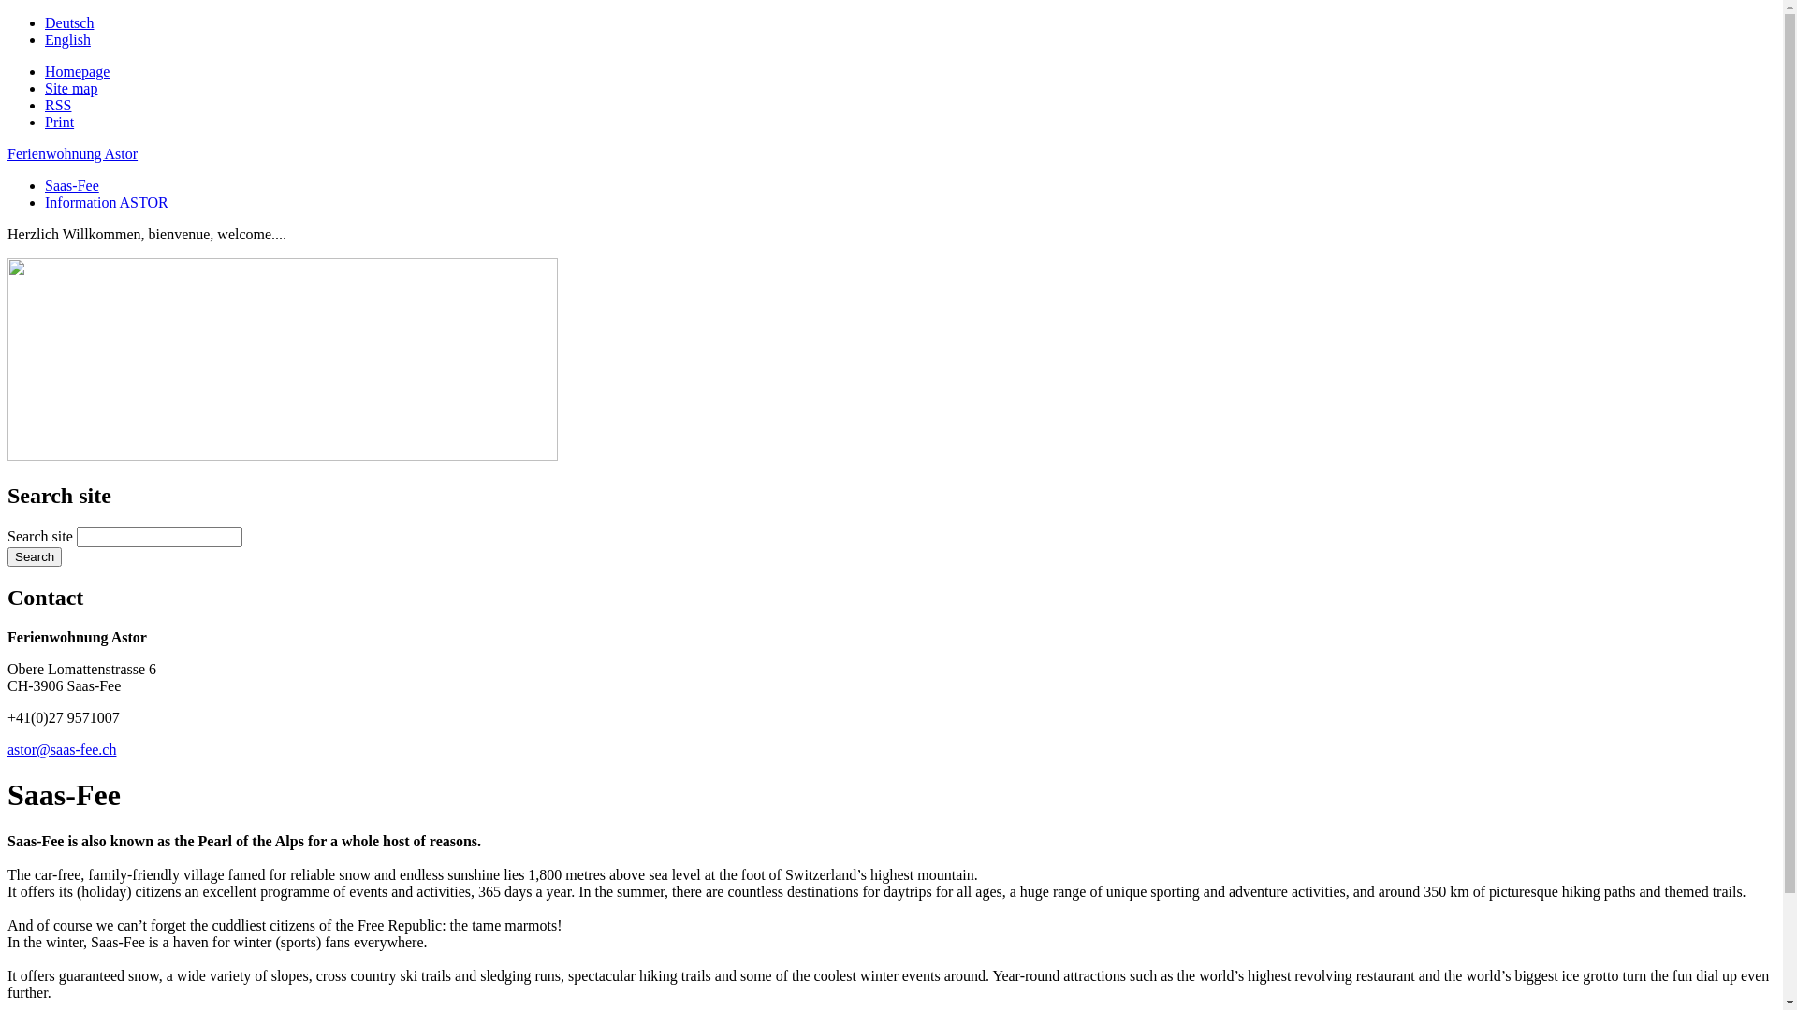 The width and height of the screenshot is (1797, 1010). I want to click on 'Site map', so click(71, 88).